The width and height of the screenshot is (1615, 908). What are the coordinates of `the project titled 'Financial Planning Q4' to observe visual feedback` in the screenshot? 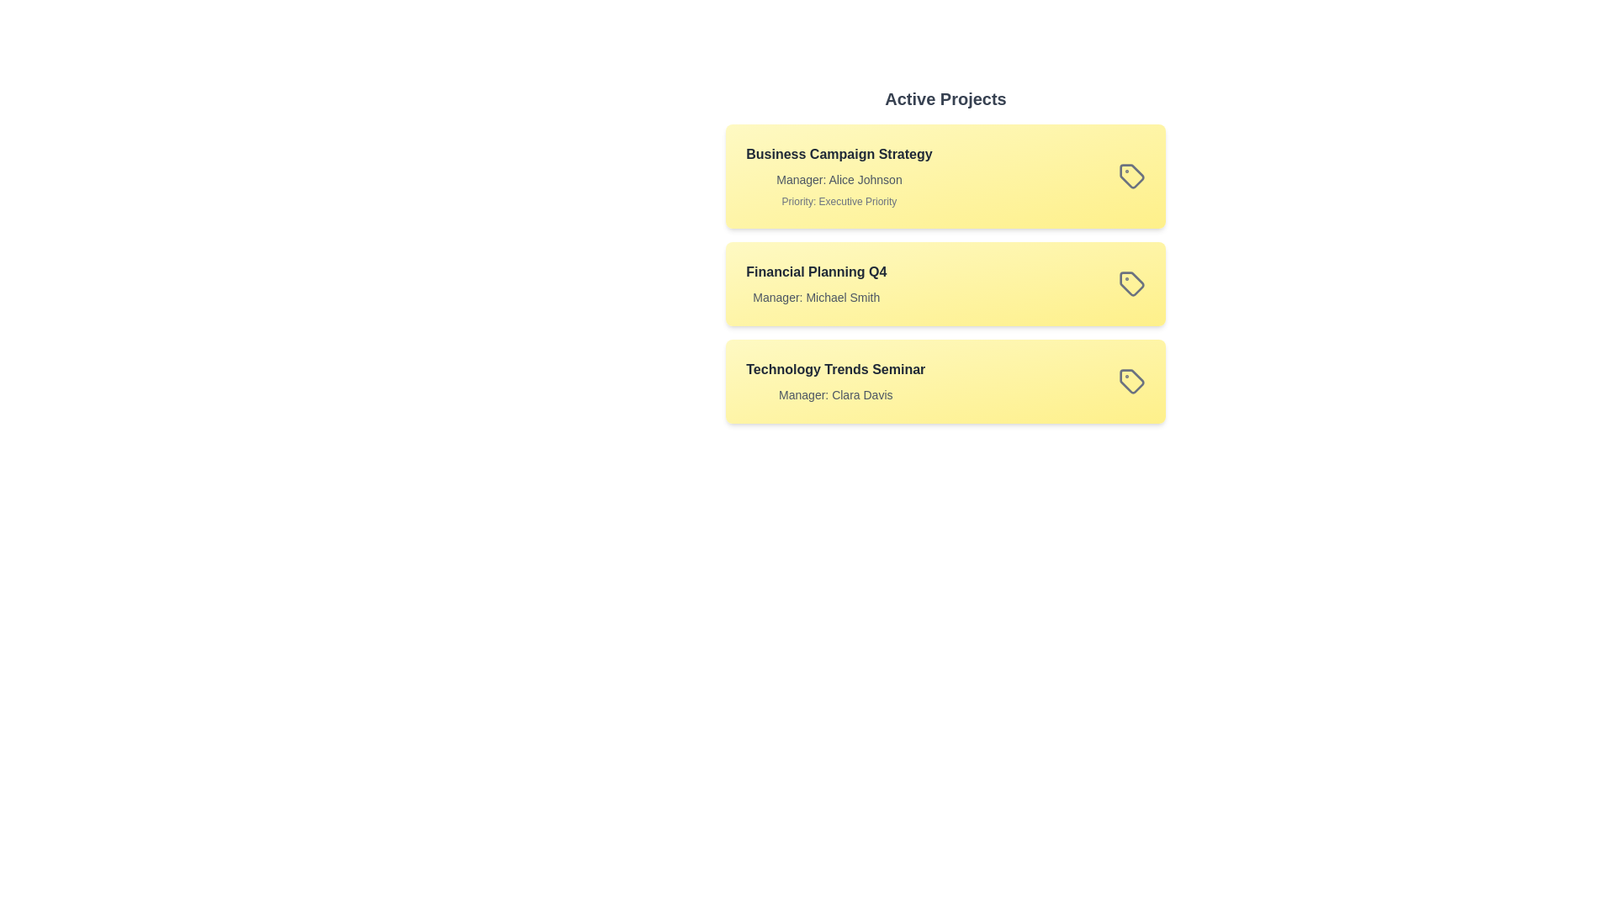 It's located at (945, 283).